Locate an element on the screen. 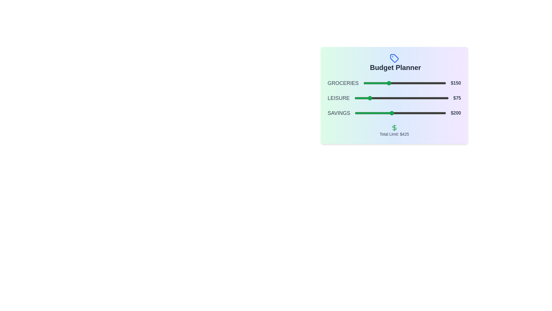  the slider for 1 to 66 is located at coordinates (374, 98).